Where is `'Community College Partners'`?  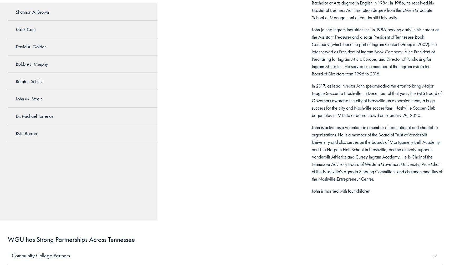
'Community College Partners' is located at coordinates (40, 255).